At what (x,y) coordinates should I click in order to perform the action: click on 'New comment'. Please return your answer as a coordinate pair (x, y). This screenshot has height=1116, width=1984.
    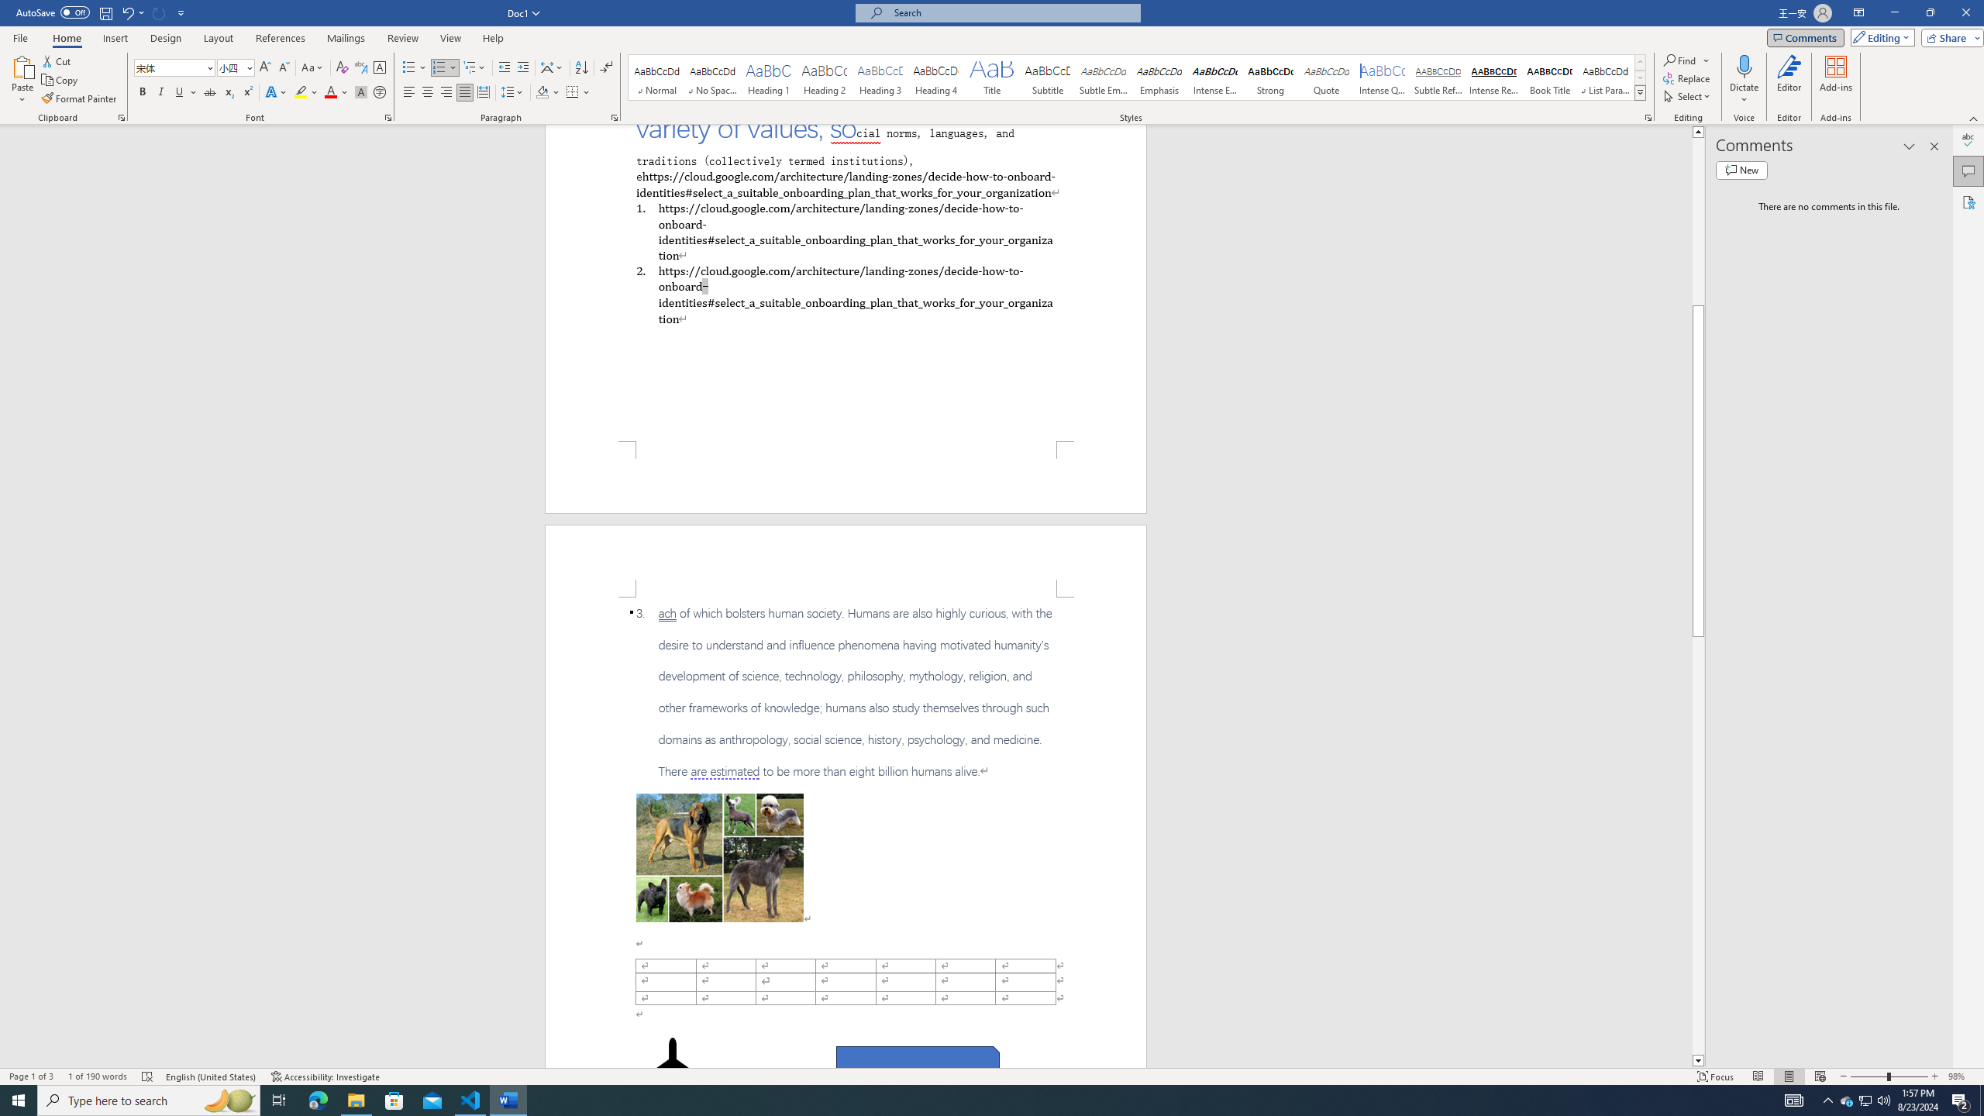
    Looking at the image, I should click on (1741, 169).